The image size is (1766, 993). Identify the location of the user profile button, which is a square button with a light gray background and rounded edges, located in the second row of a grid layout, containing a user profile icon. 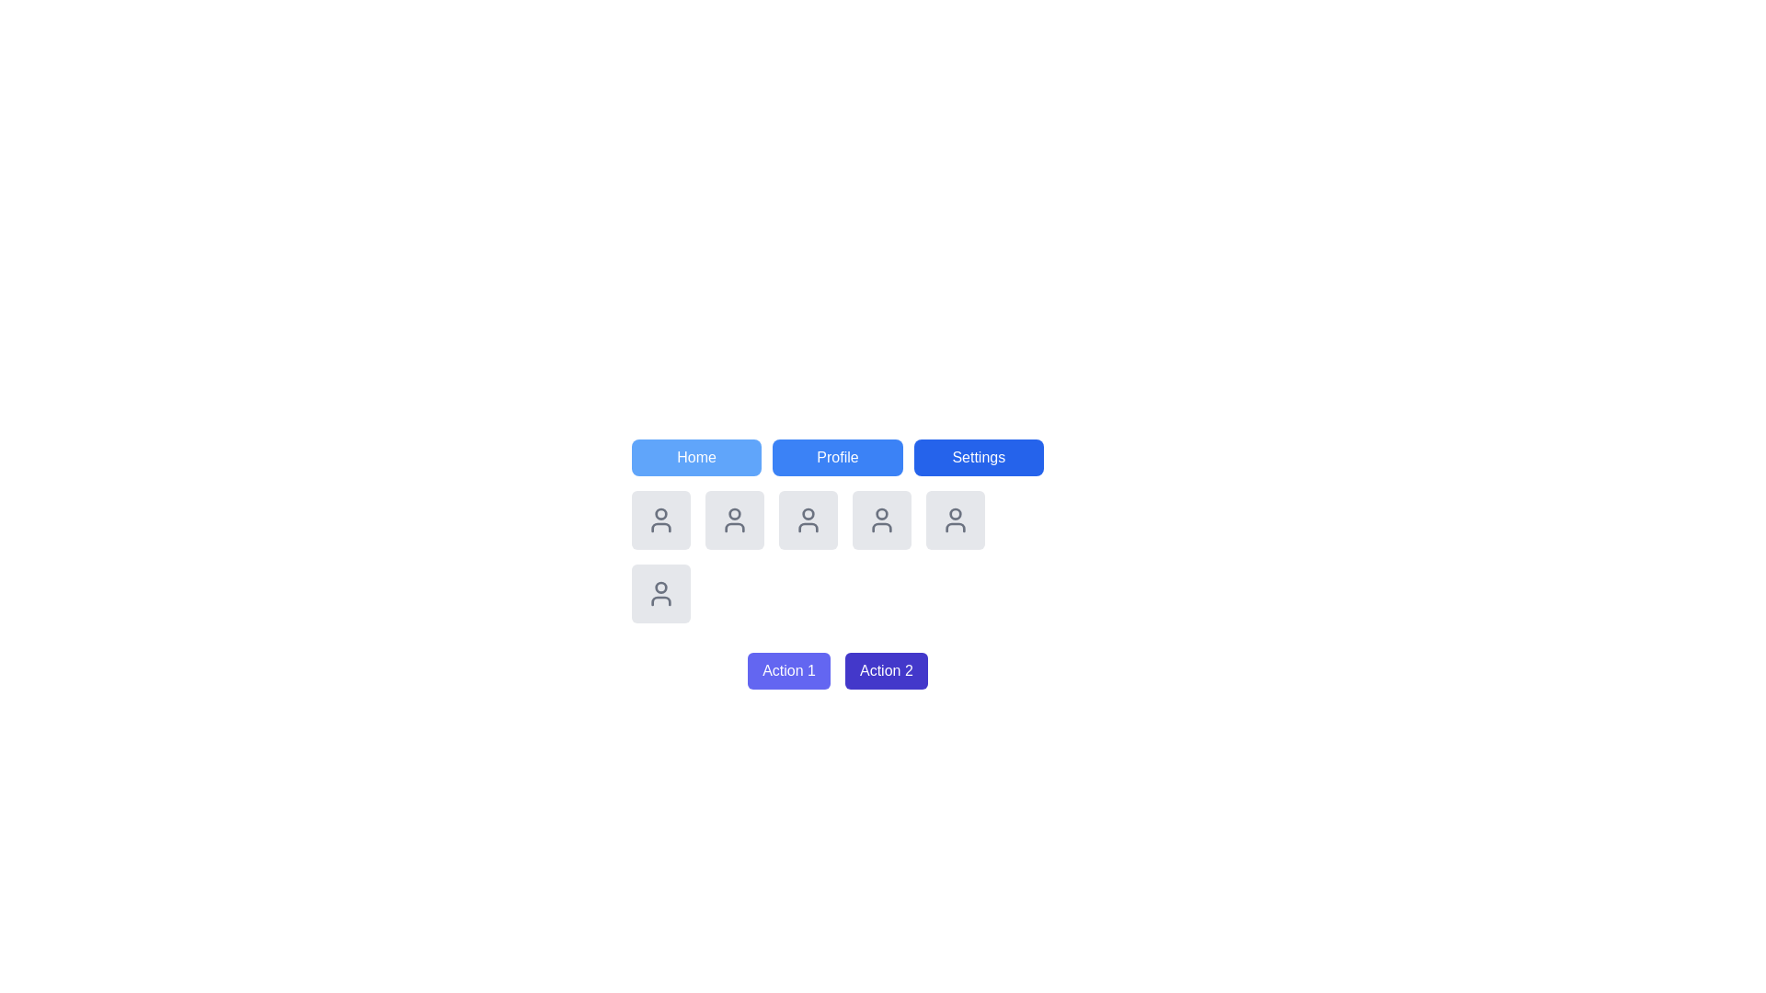
(661, 593).